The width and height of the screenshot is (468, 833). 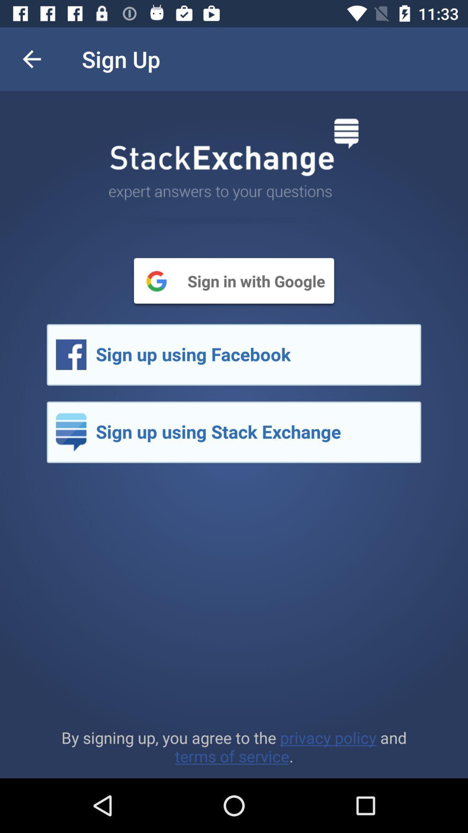 I want to click on sign up using facebook button, so click(x=234, y=354).